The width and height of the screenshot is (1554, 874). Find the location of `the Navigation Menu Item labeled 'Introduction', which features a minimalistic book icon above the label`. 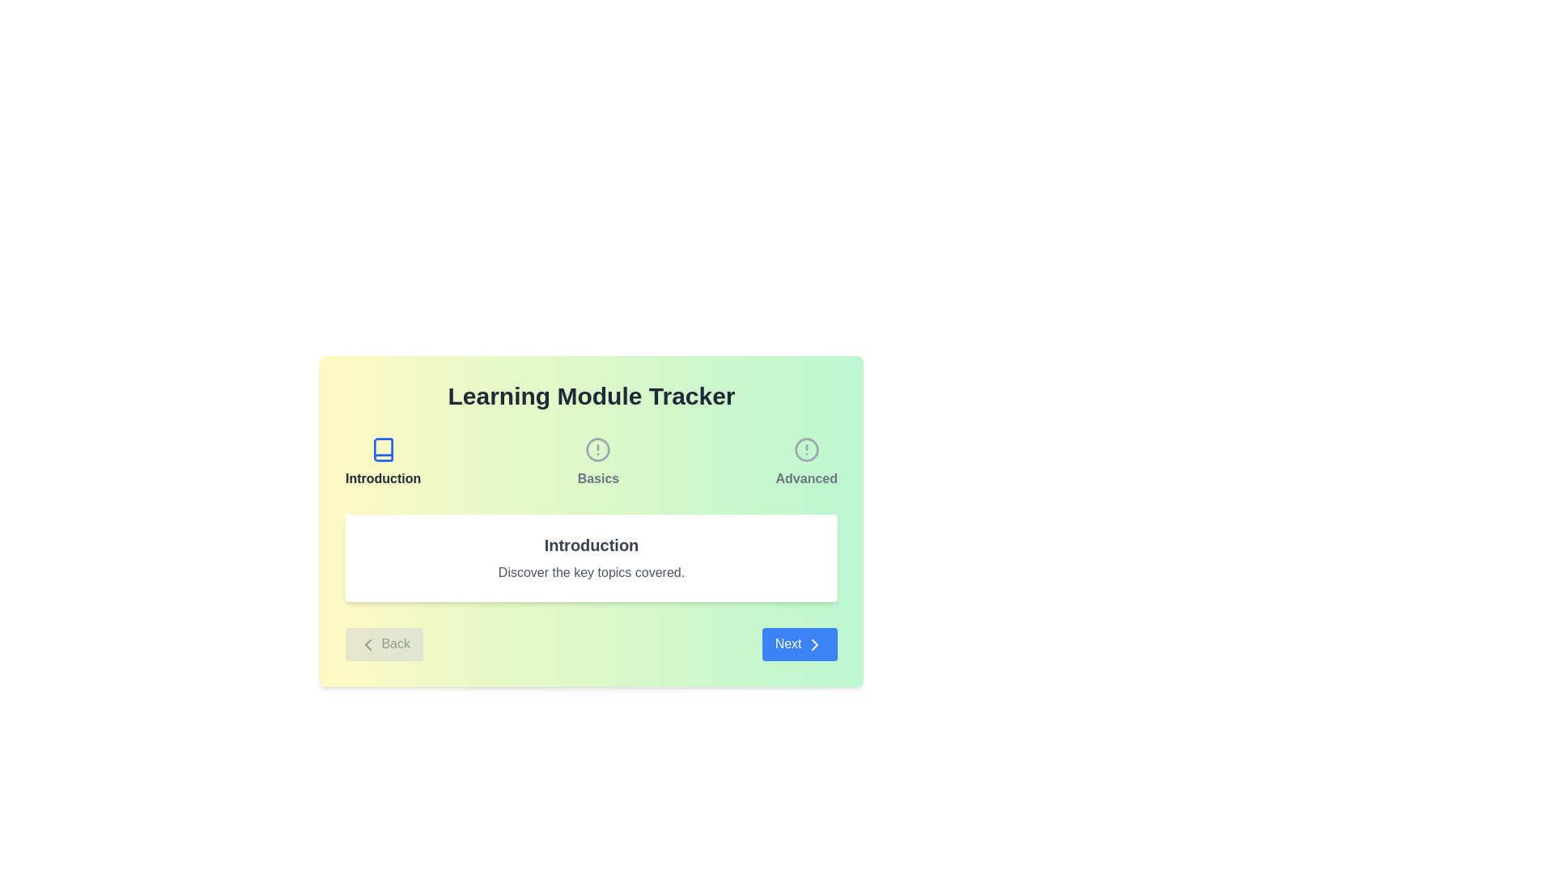

the Navigation Menu Item labeled 'Introduction', which features a minimalistic book icon above the label is located at coordinates (382, 462).